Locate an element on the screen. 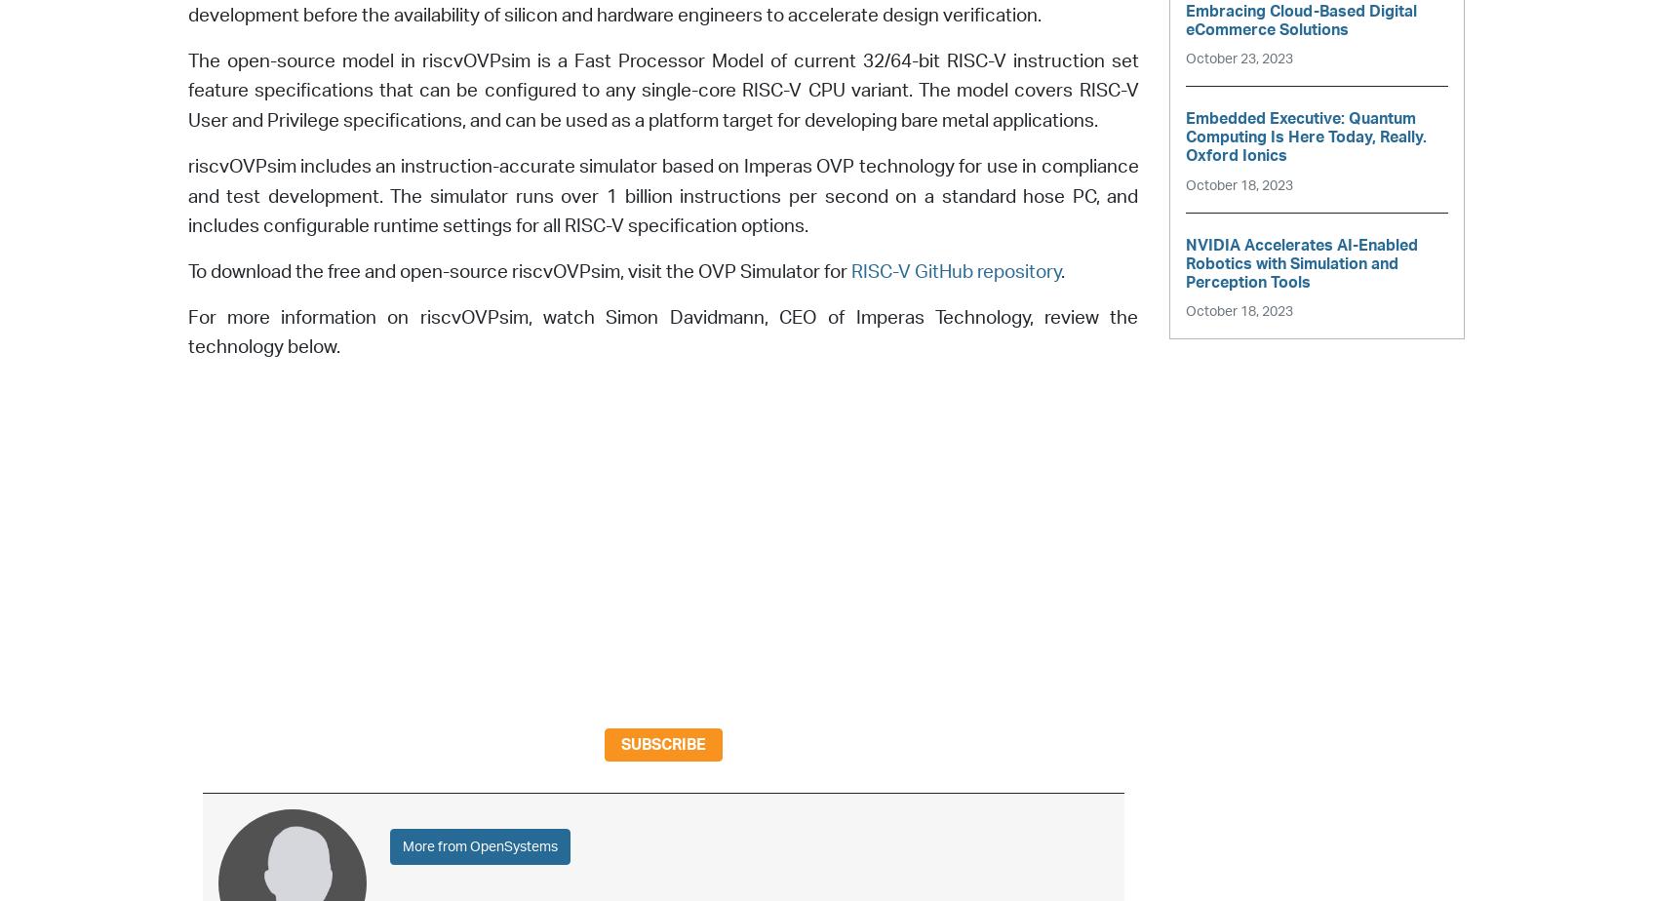  'RISC-V GitHub repository' is located at coordinates (954, 272).